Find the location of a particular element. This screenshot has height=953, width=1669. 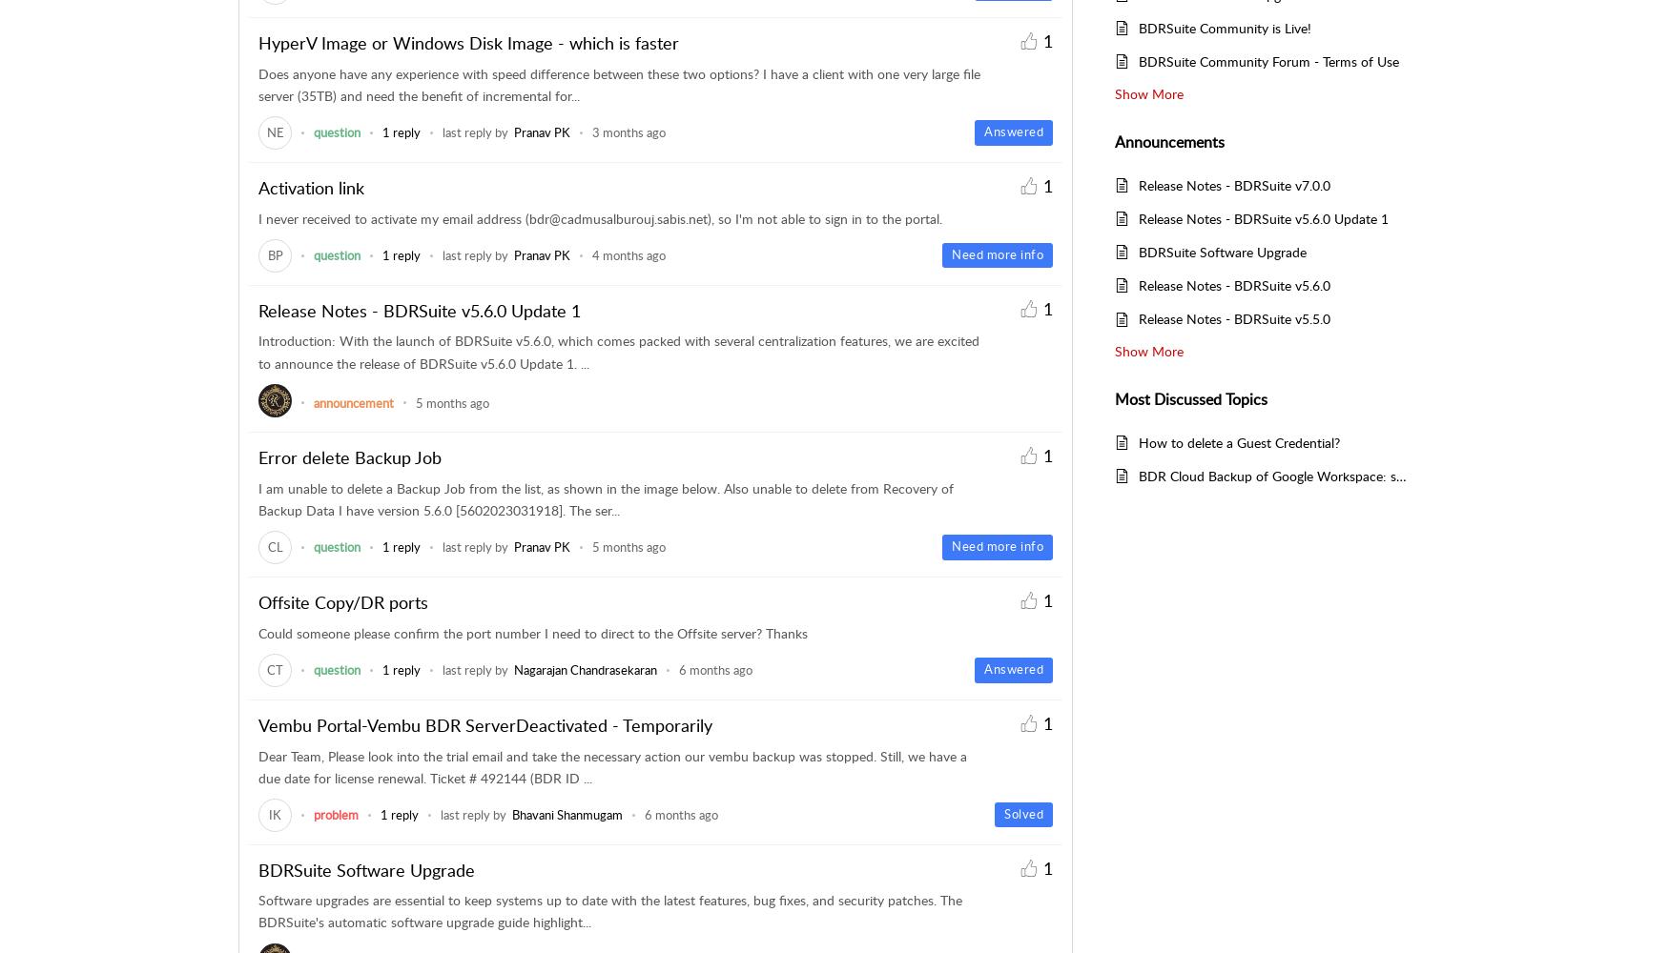

'BDRSuite Community Forum - Terms of Use' is located at coordinates (1268, 59).